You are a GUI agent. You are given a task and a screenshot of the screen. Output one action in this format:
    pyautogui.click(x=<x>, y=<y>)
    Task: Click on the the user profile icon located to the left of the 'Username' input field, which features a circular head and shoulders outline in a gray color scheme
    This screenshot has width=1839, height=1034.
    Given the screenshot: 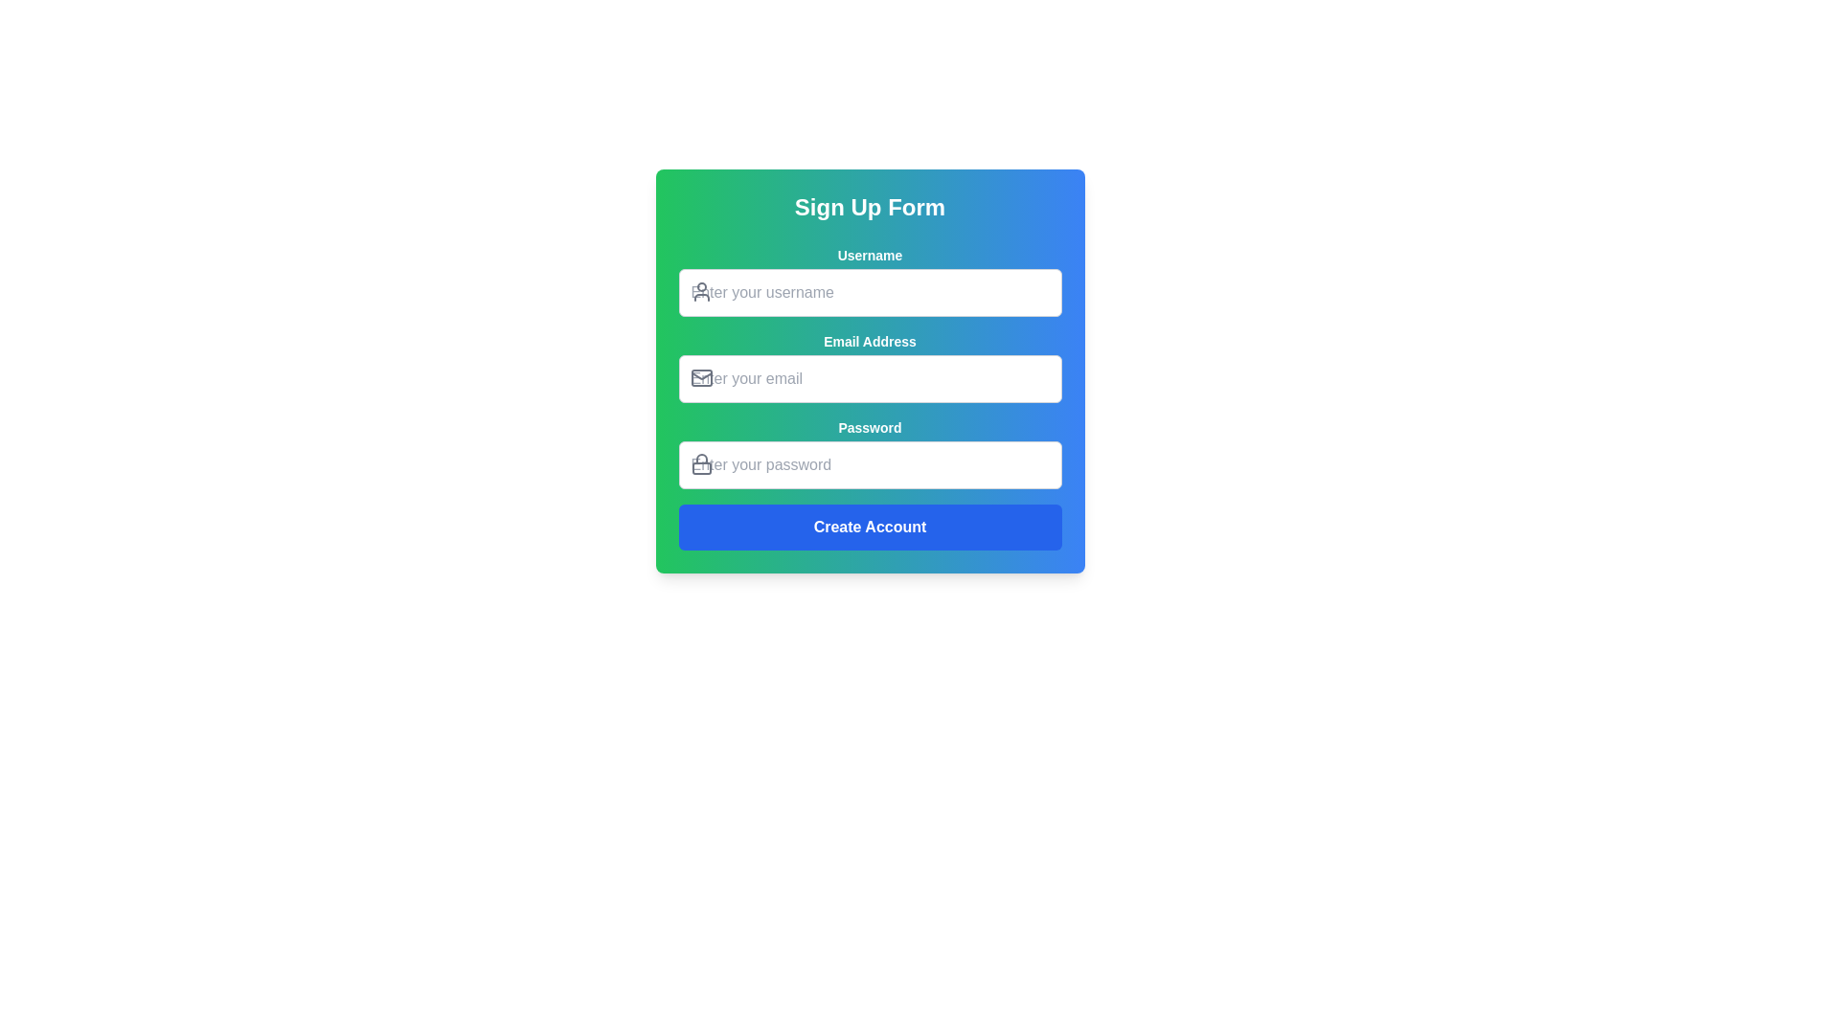 What is the action you would take?
    pyautogui.click(x=700, y=291)
    